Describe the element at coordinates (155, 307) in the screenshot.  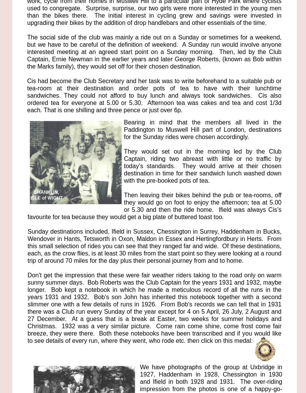
I see `'Don't get the impression that these were fair weather riders taking to the road only on warm sunny summer days.  Bob Roberts was the Club Captain for the years 1931 and 1932, maybe longer.  Bob kept a notebook in which he made a meticulous record of all the runs in the years 1931 and 1932.  Bob's son John has inherited this notebook together with a second slimmer one with a few details of runs in 1926.  From Bob's records we can tell that in 1931 there was a Club run every Sunday of the year except for 4 on 5 April, 26 July, 2 August and 27 December.  At a guess that is a break at Easter, two weeks for summer holidays and Christmas.  1932 was a very similar picture.  Come rain come shine, come frost come fair breeze, they were there.  Both these notebooks have been transcribed and if you would like to see details of every run, where they went, who rode etc. then click on this medal:-'` at that location.